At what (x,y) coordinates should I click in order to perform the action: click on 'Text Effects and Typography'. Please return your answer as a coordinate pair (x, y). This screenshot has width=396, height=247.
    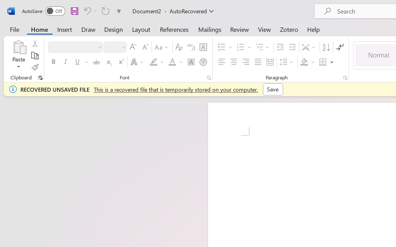
    Looking at the image, I should click on (137, 62).